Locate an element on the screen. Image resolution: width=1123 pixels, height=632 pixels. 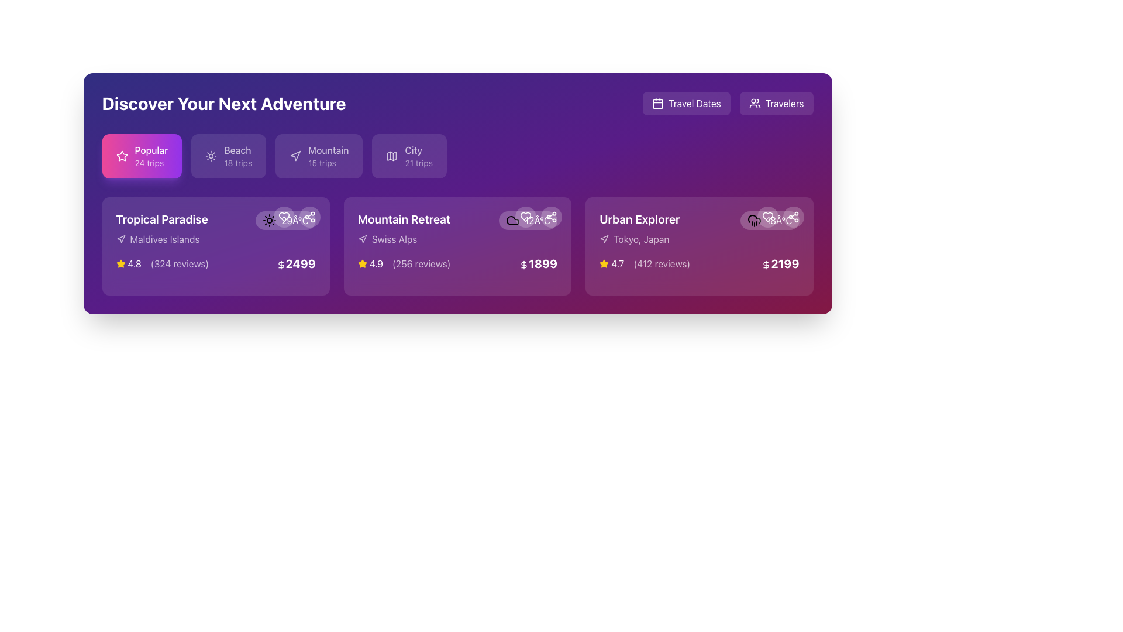
the text label providing information about the number of trips available under the 'Mountain' category, located below the title 'Mountain' in the third category button is located at coordinates (328, 163).